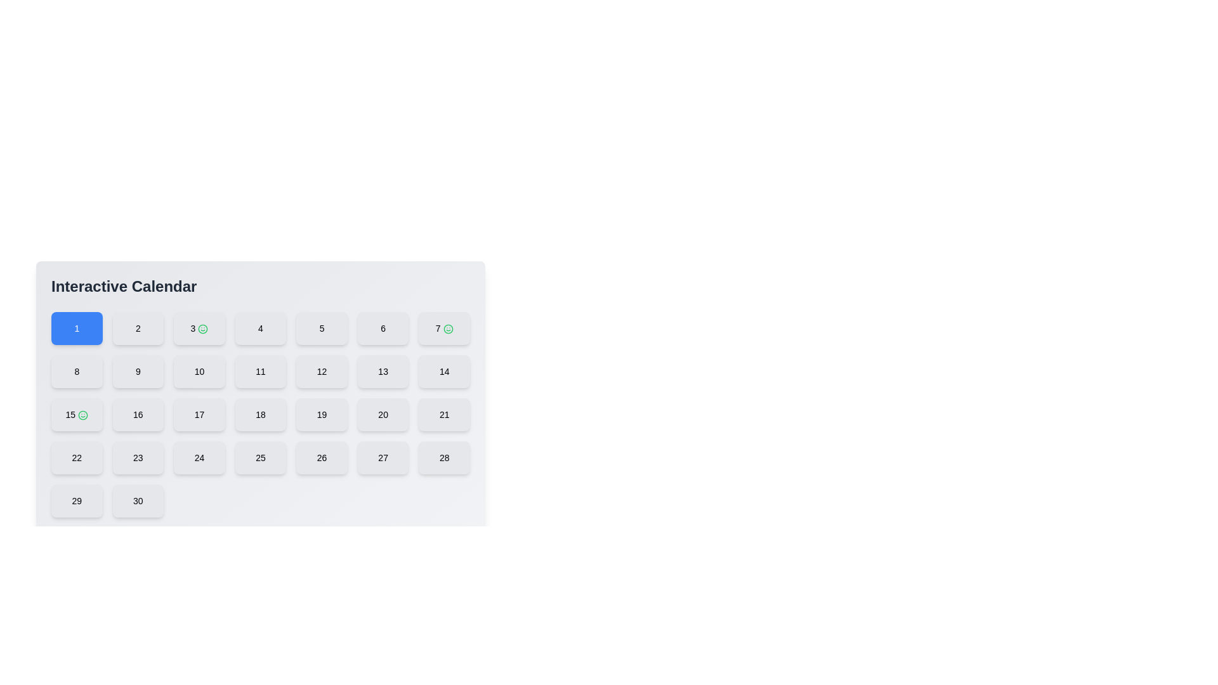  I want to click on the button labeled '15' in the calendar layout, which contains a positive status icon embedded to the right of the number '15', so click(82, 415).